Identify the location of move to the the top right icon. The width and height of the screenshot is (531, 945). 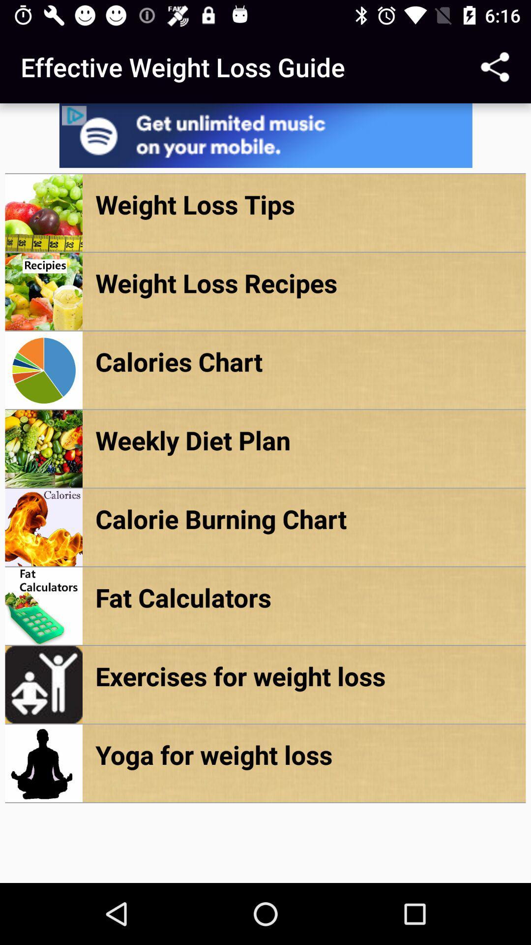
(495, 67).